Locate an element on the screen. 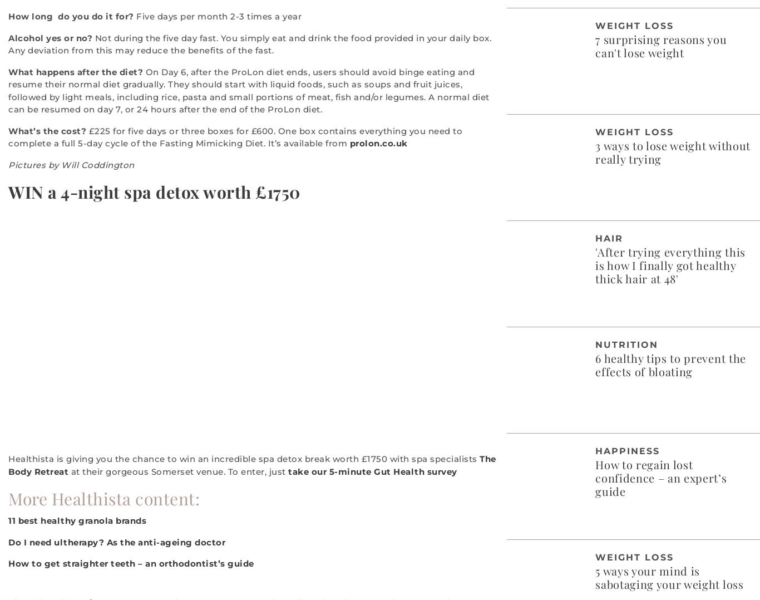 The width and height of the screenshot is (760, 600). 'Alcohol yes or no?' is located at coordinates (50, 37).